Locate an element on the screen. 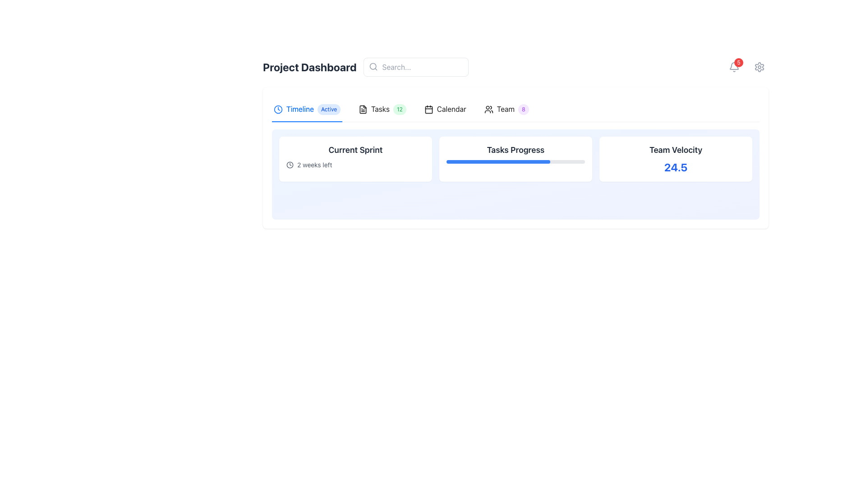 Image resolution: width=866 pixels, height=487 pixels. the 'Tasks' tab in the navigation bar, which features a green circular badge with the number '12' and a document icon is located at coordinates (382, 109).